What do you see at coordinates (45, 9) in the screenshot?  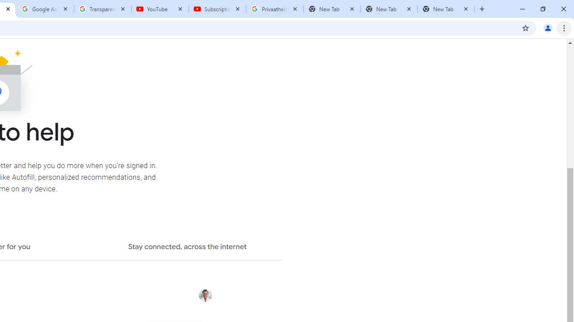 I see `'Google Account'` at bounding box center [45, 9].